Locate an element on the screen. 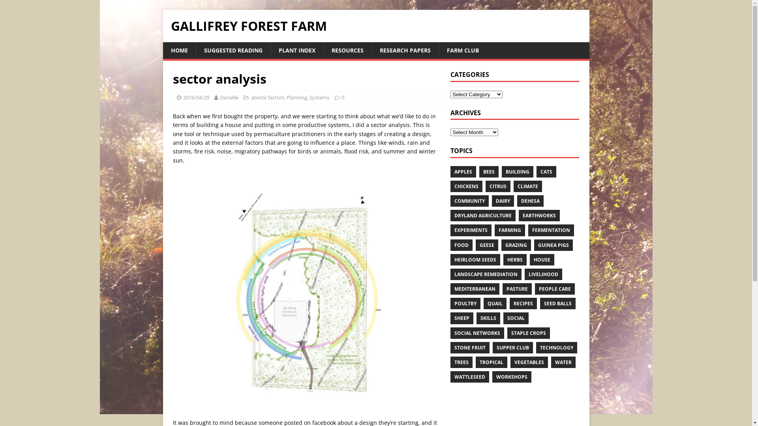 This screenshot has height=426, width=758. 'QUAIL' is located at coordinates (494, 303).